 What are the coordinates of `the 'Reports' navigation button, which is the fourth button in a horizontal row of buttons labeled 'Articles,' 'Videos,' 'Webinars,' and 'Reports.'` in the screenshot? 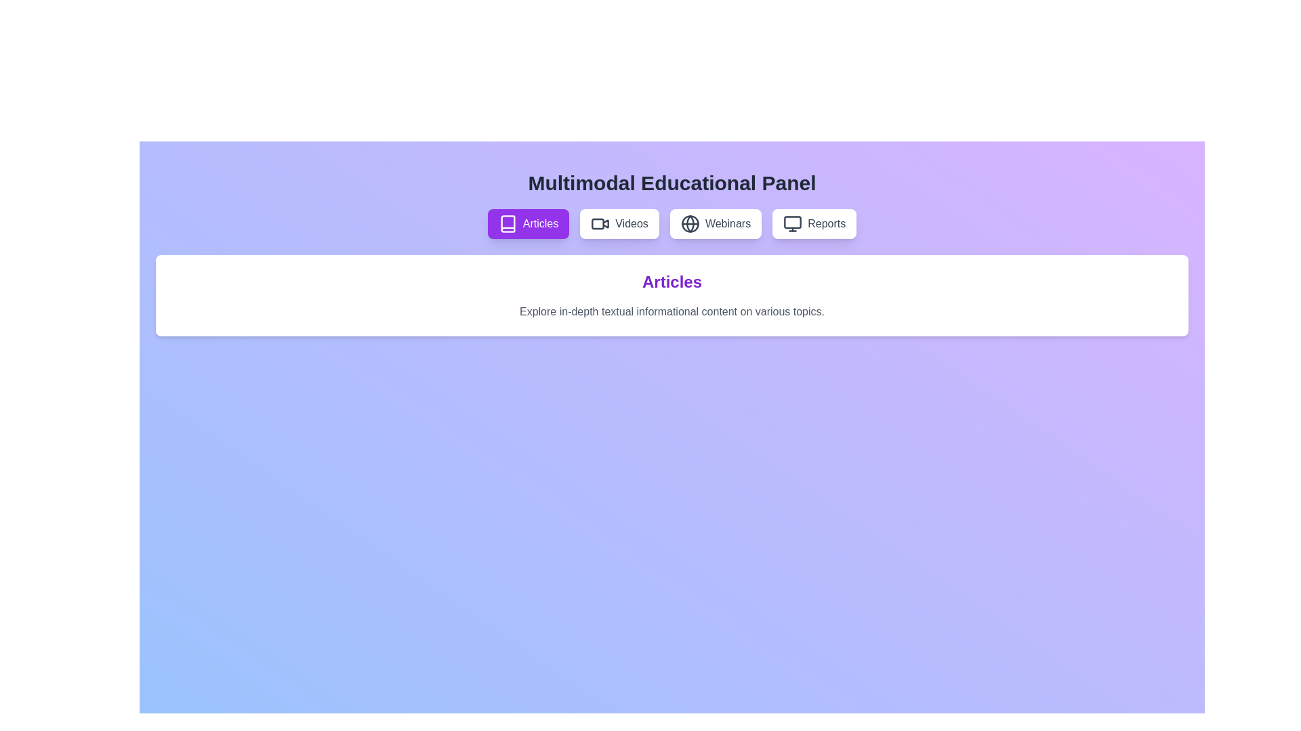 It's located at (814, 223).